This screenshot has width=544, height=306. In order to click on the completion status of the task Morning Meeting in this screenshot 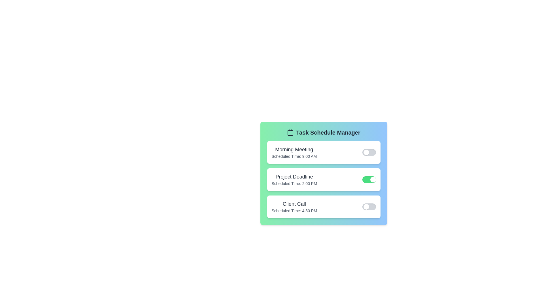, I will do `click(369, 152)`.